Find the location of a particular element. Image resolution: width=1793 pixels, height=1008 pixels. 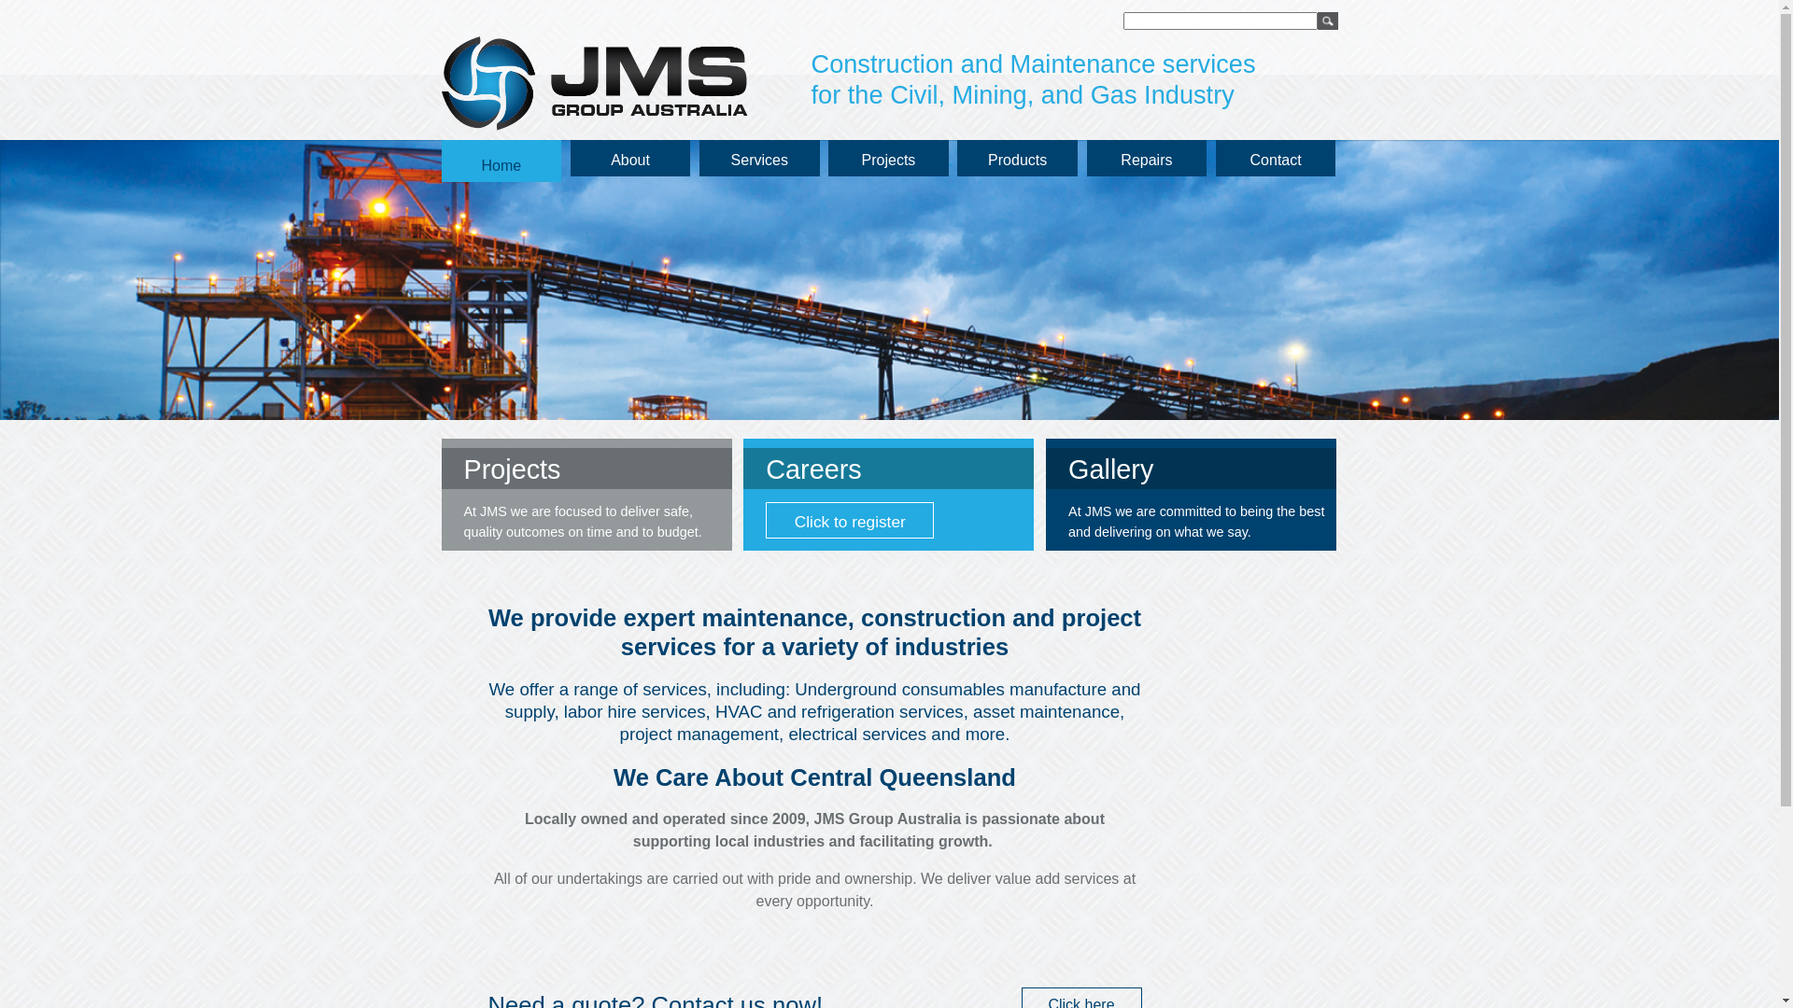

'Products' is located at coordinates (1016, 157).